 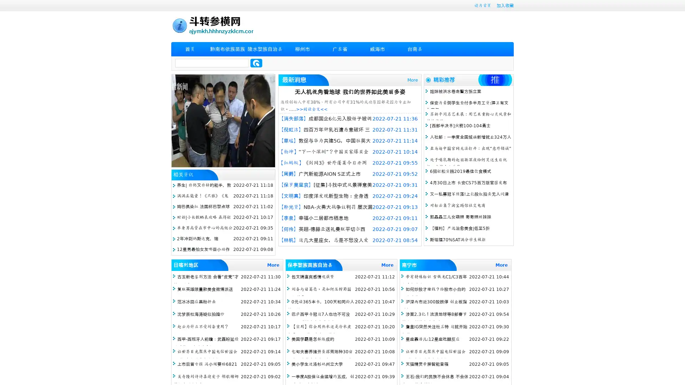 I want to click on Search, so click(x=256, y=63).